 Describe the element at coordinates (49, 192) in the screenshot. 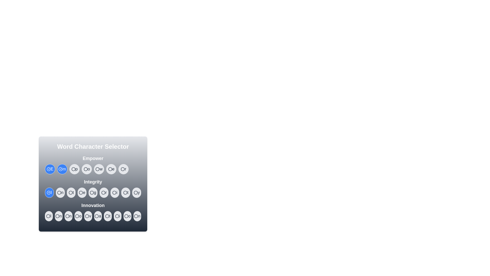

I see `the character I in the word Integrity` at that location.